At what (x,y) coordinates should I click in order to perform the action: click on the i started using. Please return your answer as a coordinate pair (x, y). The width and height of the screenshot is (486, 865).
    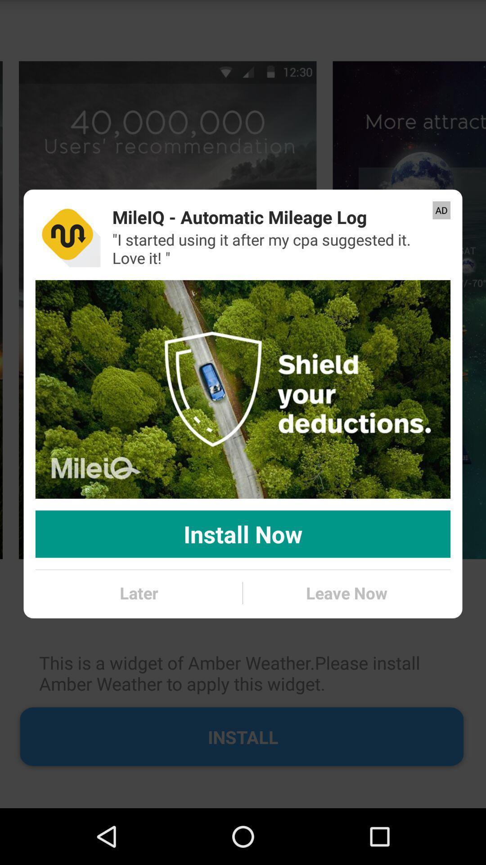
    Looking at the image, I should click on (275, 249).